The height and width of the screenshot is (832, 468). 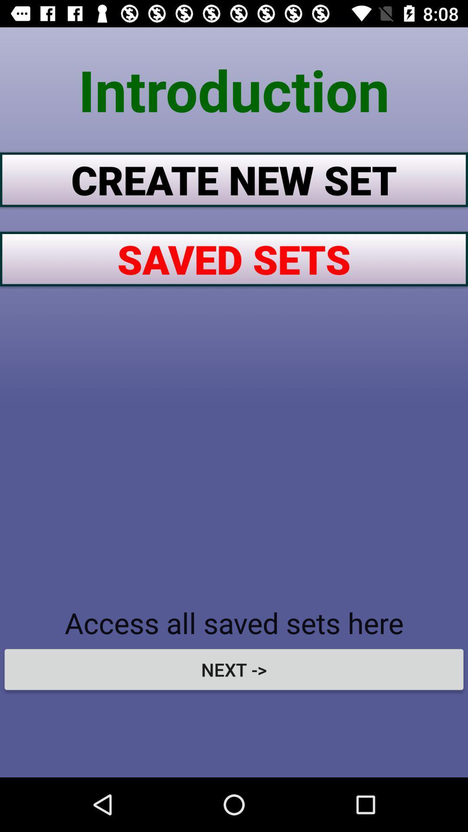 What do you see at coordinates (234, 179) in the screenshot?
I see `create new set` at bounding box center [234, 179].